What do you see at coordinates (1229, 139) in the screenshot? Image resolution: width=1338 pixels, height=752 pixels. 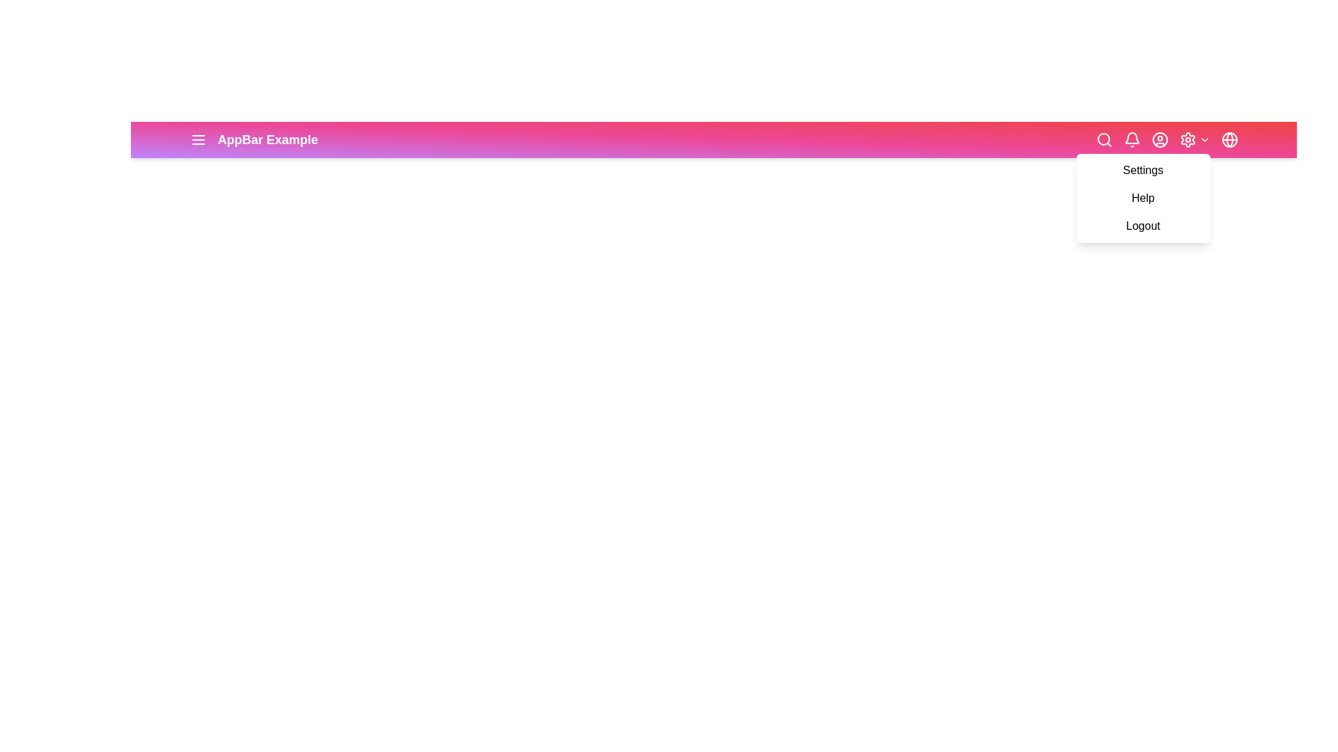 I see `the globe button to trigger its associated action` at bounding box center [1229, 139].